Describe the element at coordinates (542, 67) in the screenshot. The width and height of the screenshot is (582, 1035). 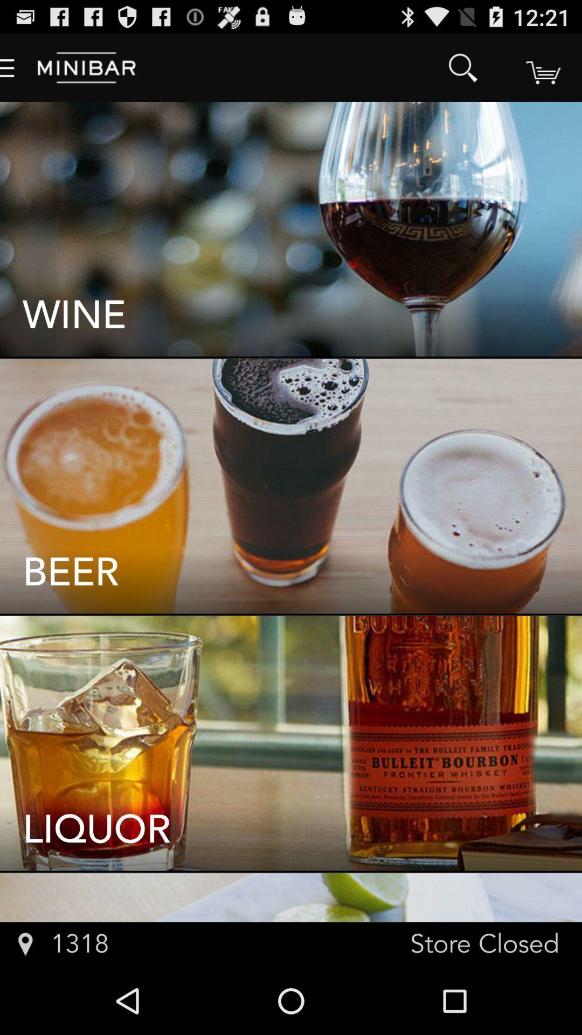
I see `seach page` at that location.